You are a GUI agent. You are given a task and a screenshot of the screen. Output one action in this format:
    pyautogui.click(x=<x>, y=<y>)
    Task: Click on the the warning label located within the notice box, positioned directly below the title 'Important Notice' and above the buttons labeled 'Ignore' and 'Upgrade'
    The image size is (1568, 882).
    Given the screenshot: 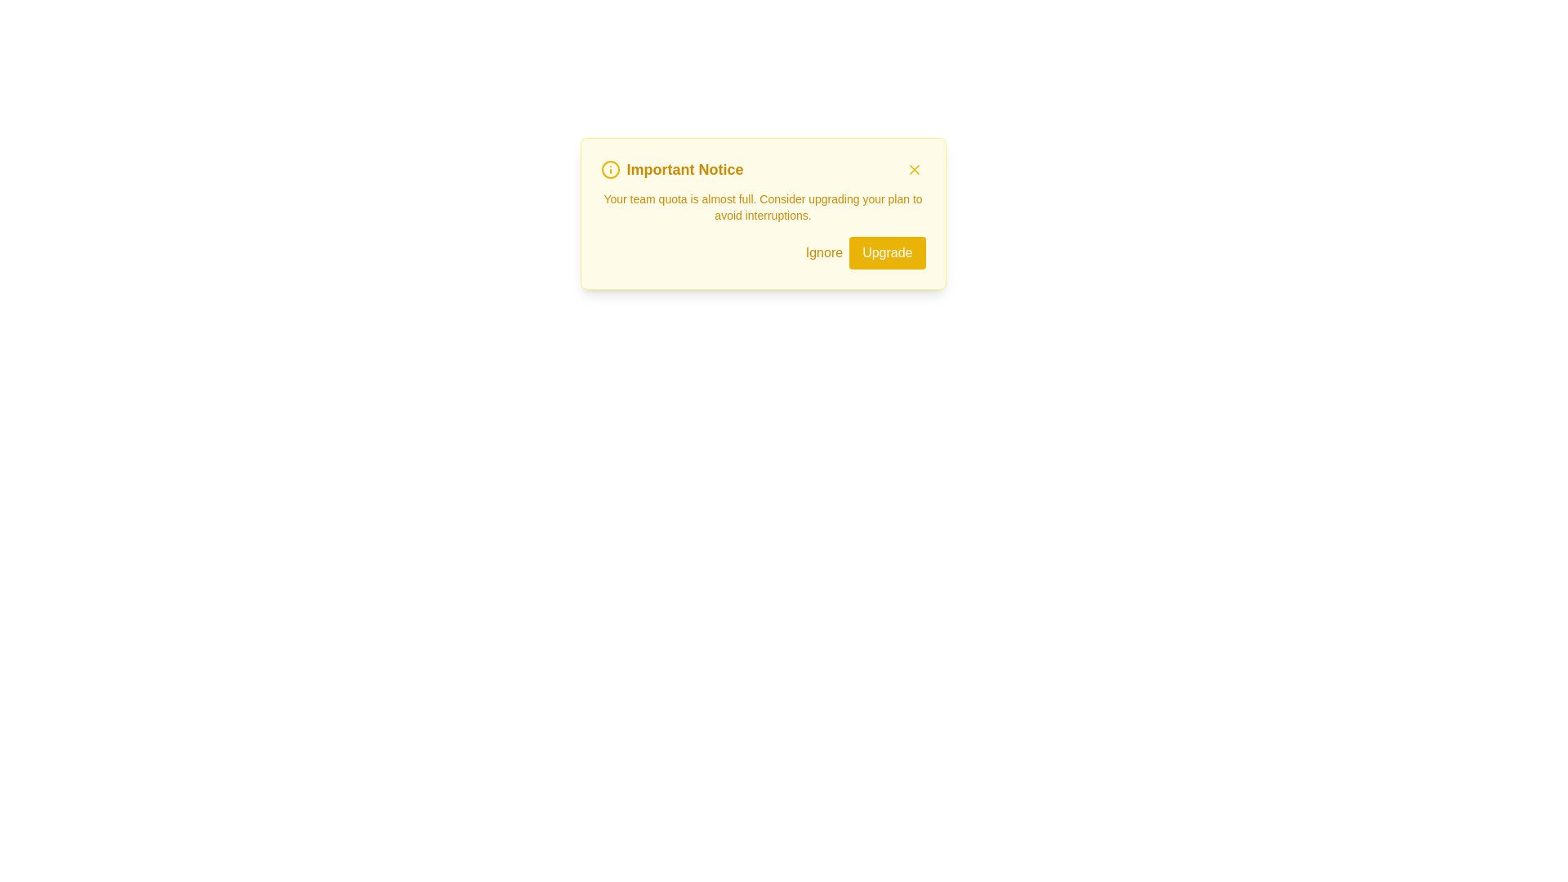 What is the action you would take?
    pyautogui.click(x=762, y=207)
    